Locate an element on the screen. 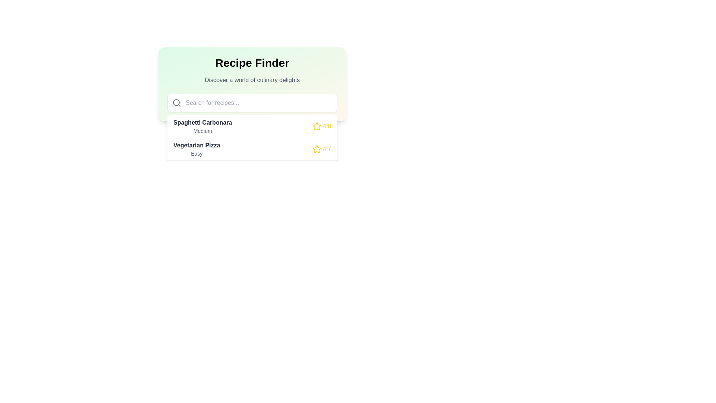 The image size is (716, 403). the centered text component displaying 'Discover a world of culinary delights', which is positioned beneath the 'Recipe Finder' title and above the search bar is located at coordinates (252, 80).